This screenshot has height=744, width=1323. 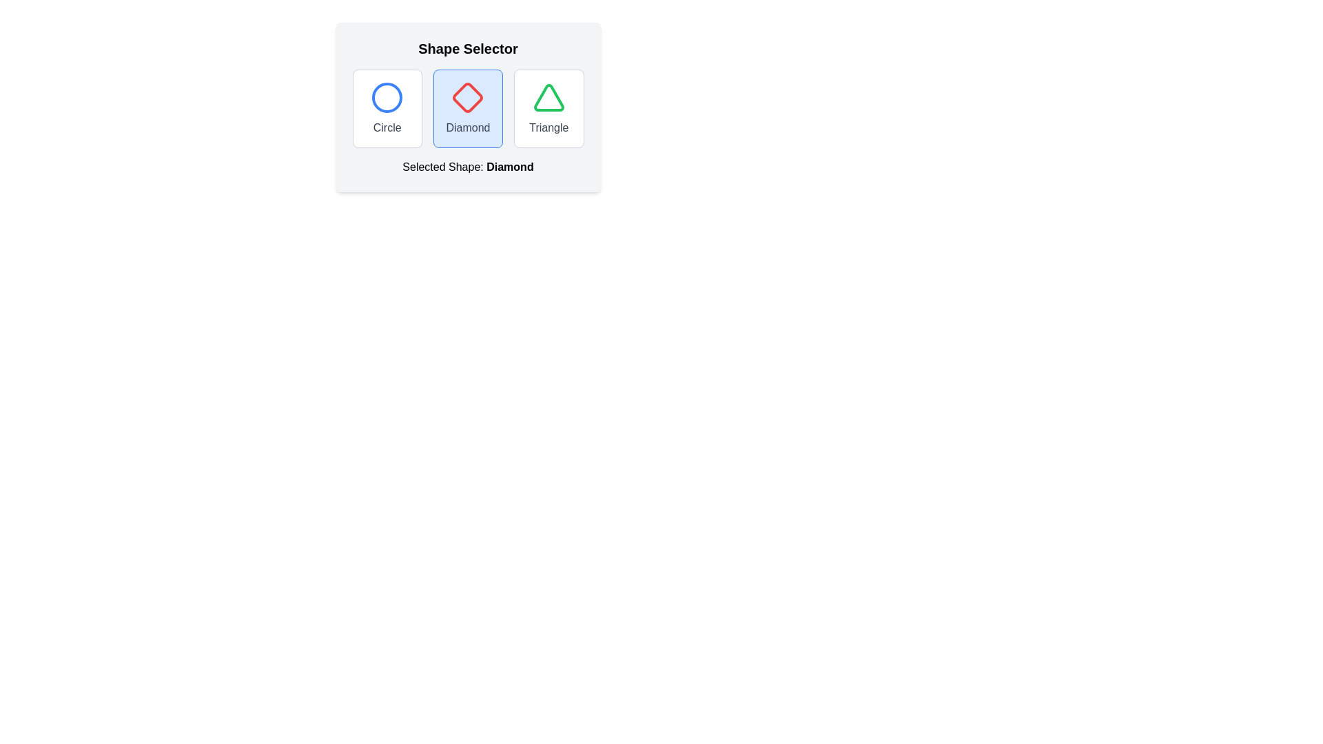 What do you see at coordinates (468, 97) in the screenshot?
I see `the diamond-shaped icon in the 'Diamond' labeled selection box` at bounding box center [468, 97].